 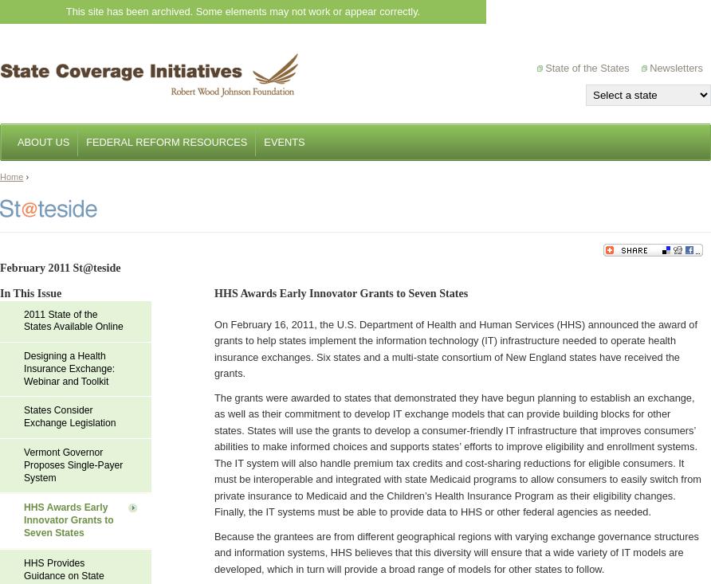 I want to click on 'Because the grantees are from different geographical regions with varying exchange governance structures and information systems, HHS believes that this diversity will ensure that a wide variety of IT models are developed, which in turn will provide a broad range of models for other states to follow.', so click(x=455, y=551).